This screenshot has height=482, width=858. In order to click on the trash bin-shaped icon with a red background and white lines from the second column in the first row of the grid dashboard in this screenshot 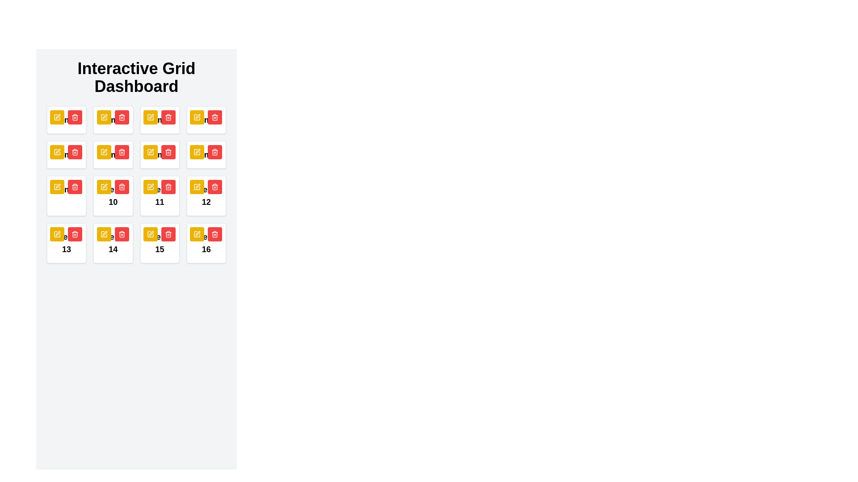, I will do `click(75, 116)`.